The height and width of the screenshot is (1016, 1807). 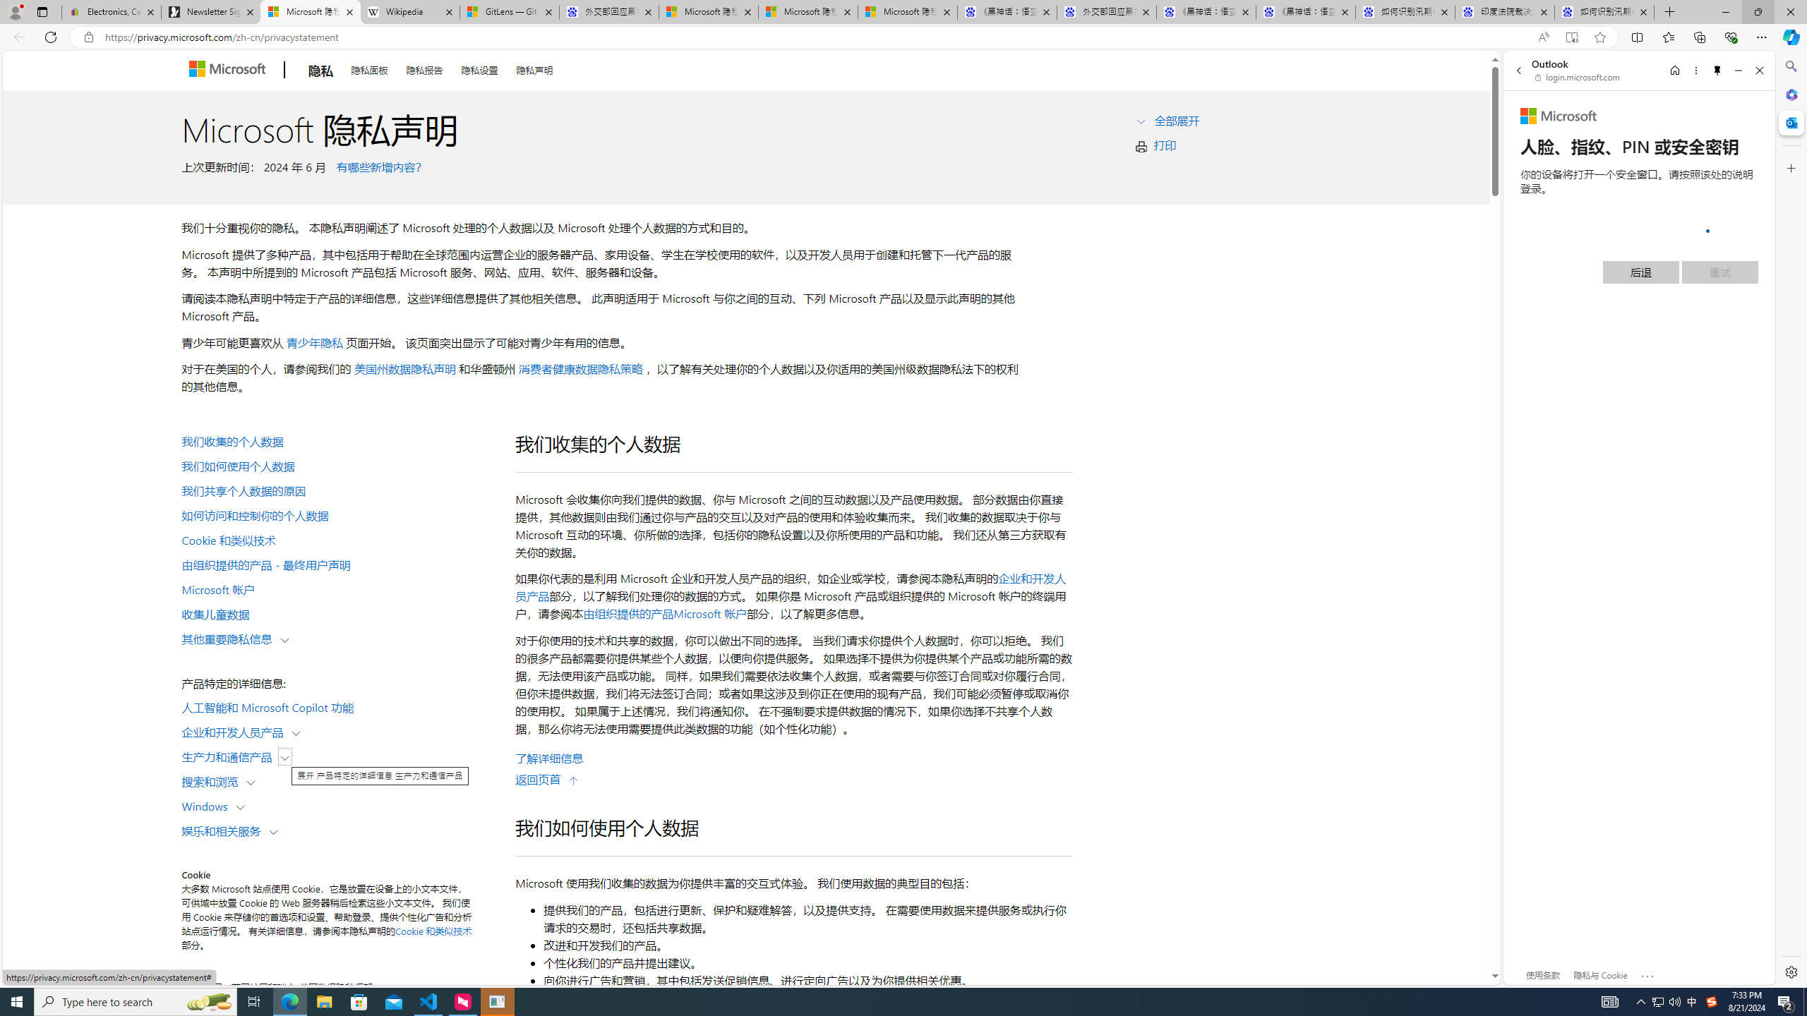 What do you see at coordinates (210, 11) in the screenshot?
I see `'Newsletter Sign Up'` at bounding box center [210, 11].